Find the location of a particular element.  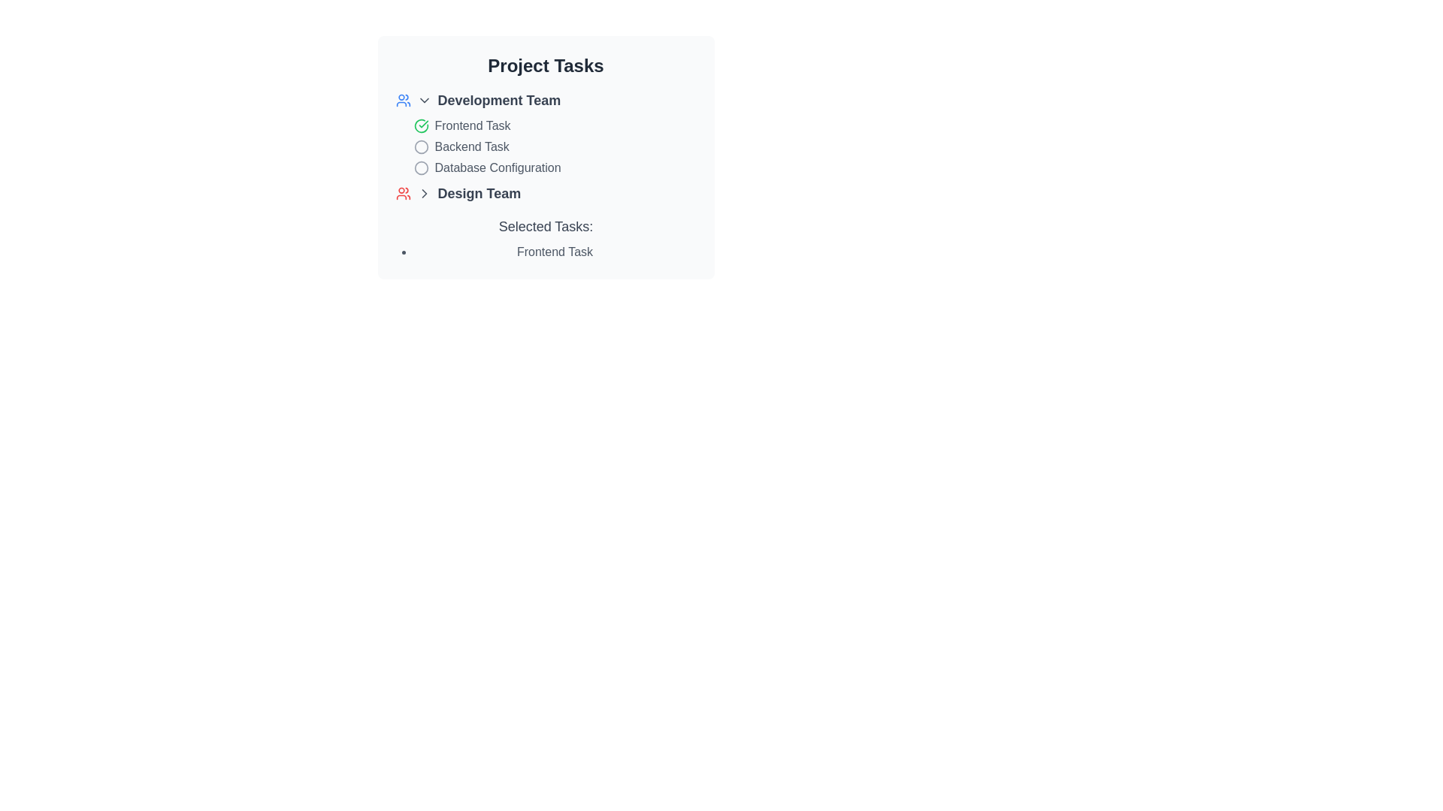

the 'Design Team' text label located under the 'Development Team' header in the 'Project Tasks' section is located at coordinates (478, 193).